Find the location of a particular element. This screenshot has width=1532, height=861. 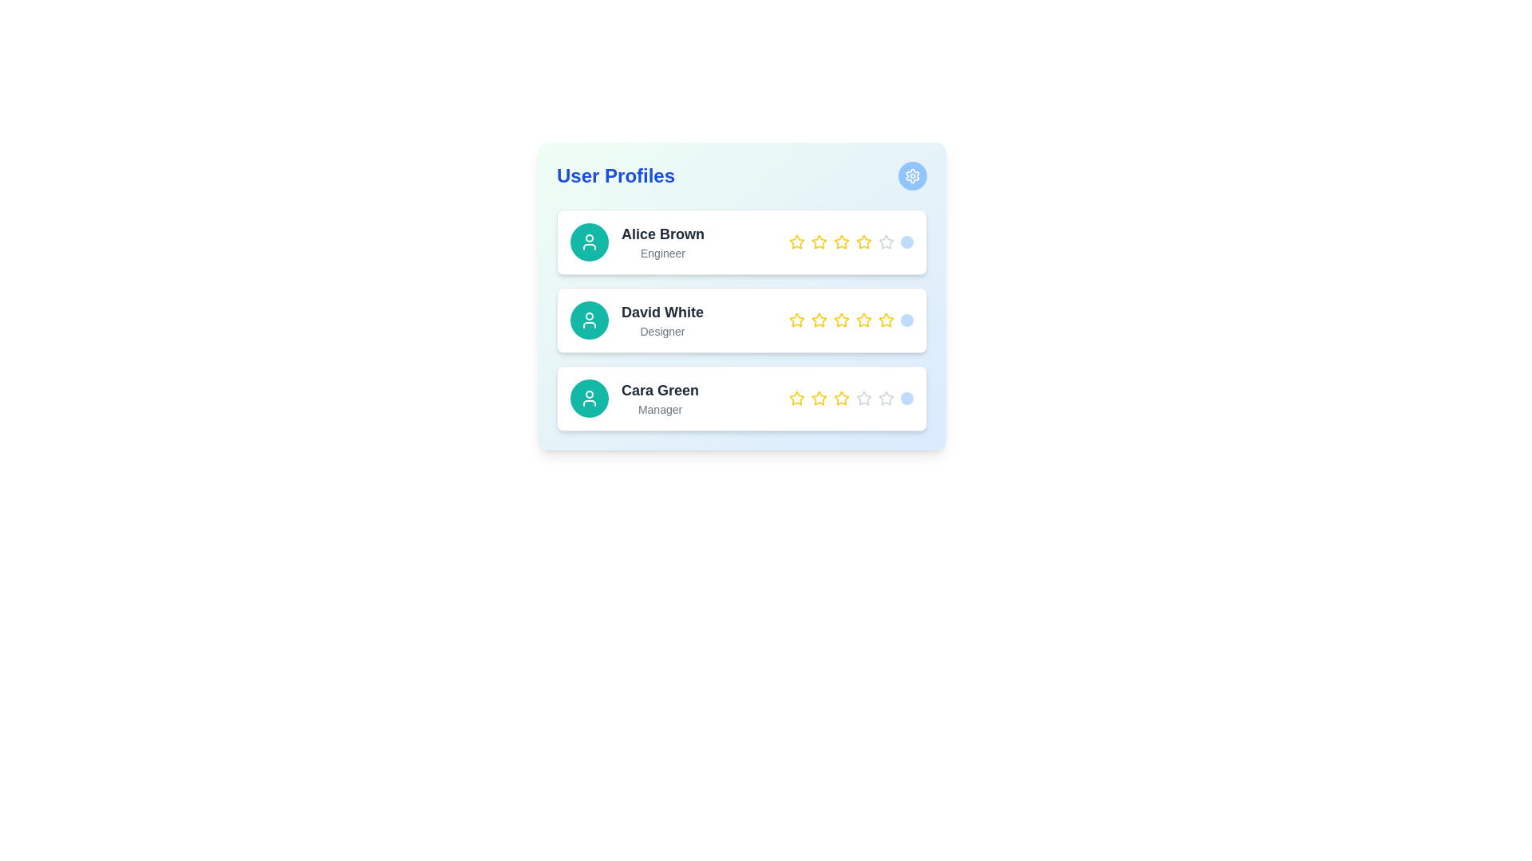

the fourth rating star icon, which is part of a sequence of five stars in the rating section of Alice Brown's profile is located at coordinates (841, 242).